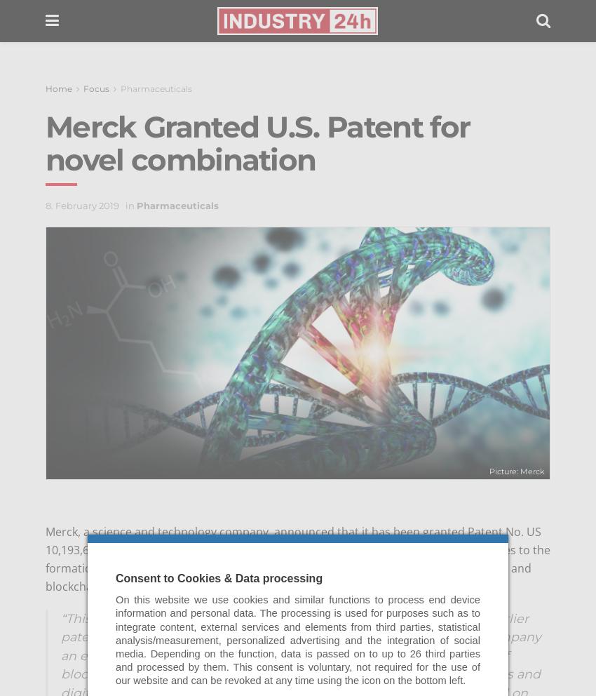 This screenshot has width=596, height=696. What do you see at coordinates (298, 558) in the screenshot?
I see `'Mer­ck, a sci­ence and tech­nol­o­gy com­pa­ny, announced that it has been grant­ed Patent No. US 10,193,695 by the Unit­ed States Patent and Trade­mark Office (USPTO). The patent relates to the for­ma­tion of ‘cryp­to-objects’, a nov­el secu­ri­ty pro­ce­dure link­ing Arti­fi­cial Intel­li­gence (AI) and blockchain technology.'` at bounding box center [298, 558].